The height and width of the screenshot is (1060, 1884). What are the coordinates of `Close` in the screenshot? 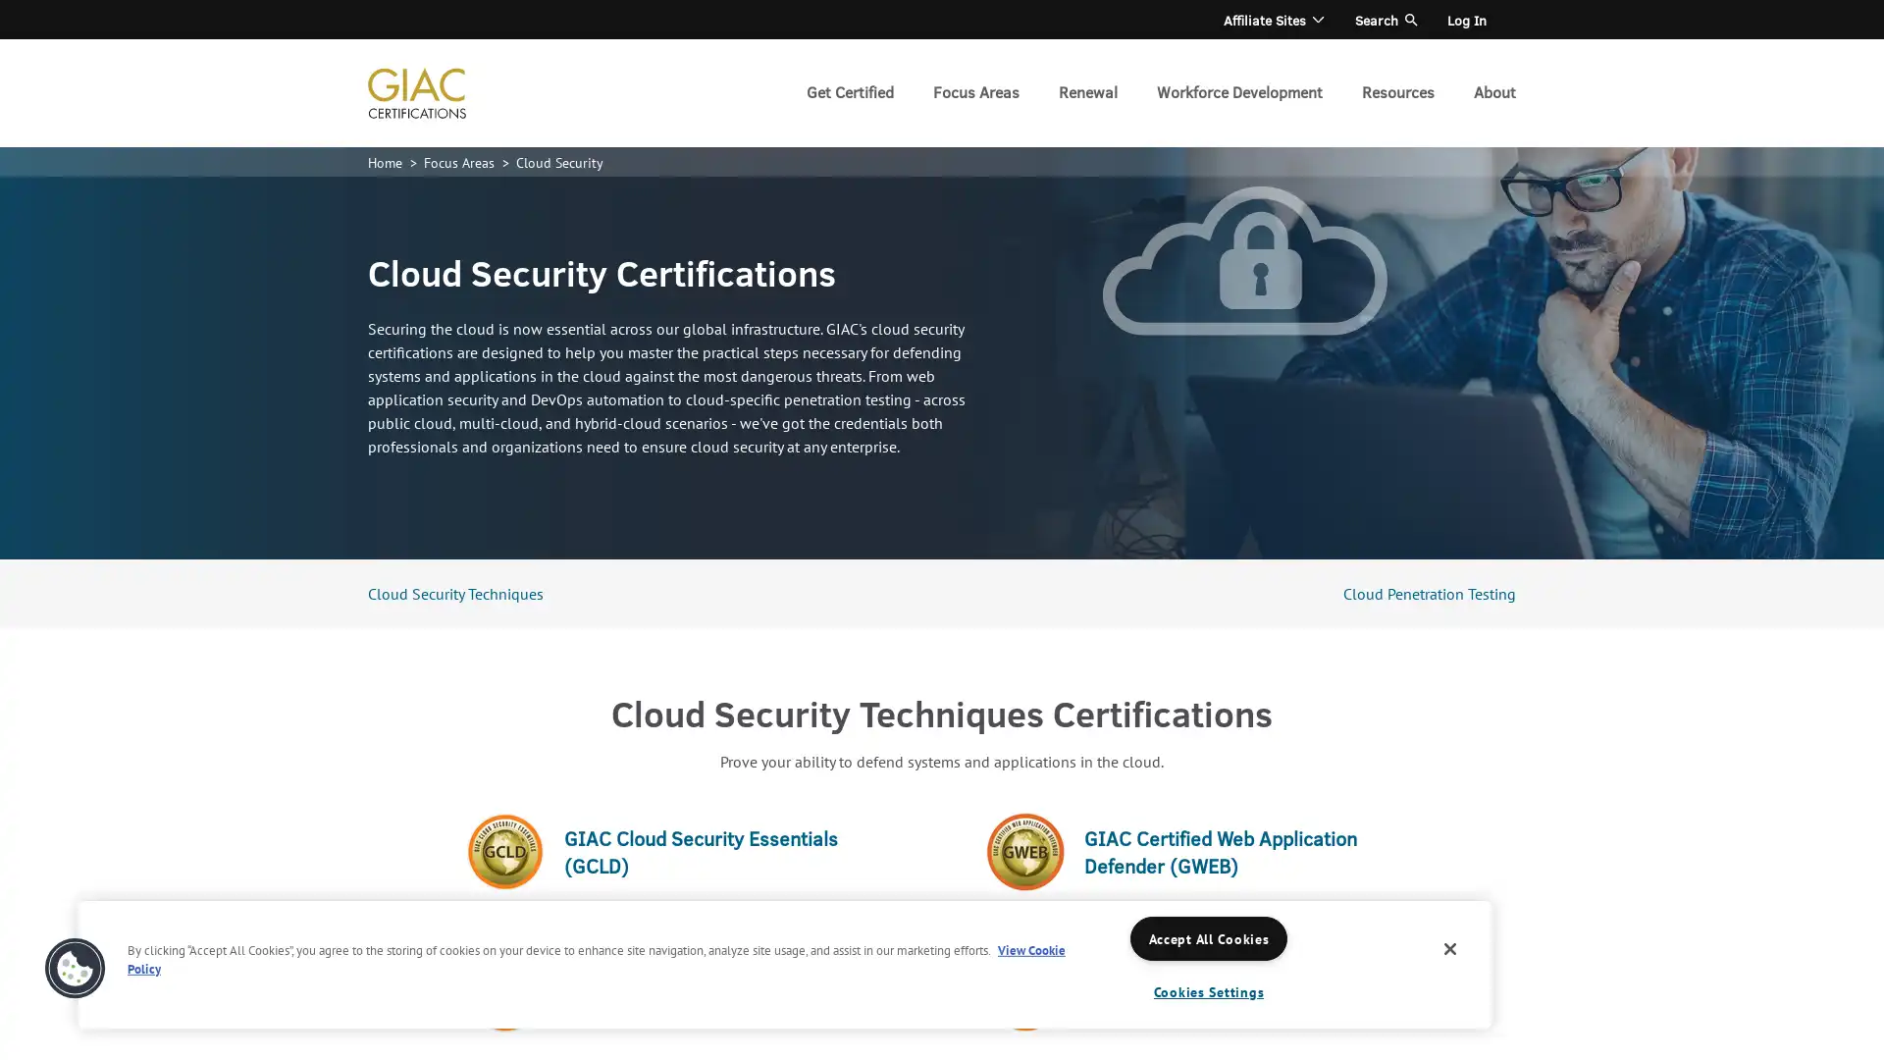 It's located at (1450, 948).